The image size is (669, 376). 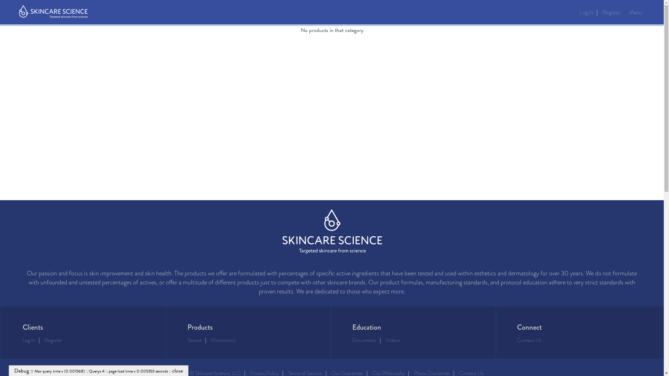 I want to click on 'Videos', so click(x=392, y=339).